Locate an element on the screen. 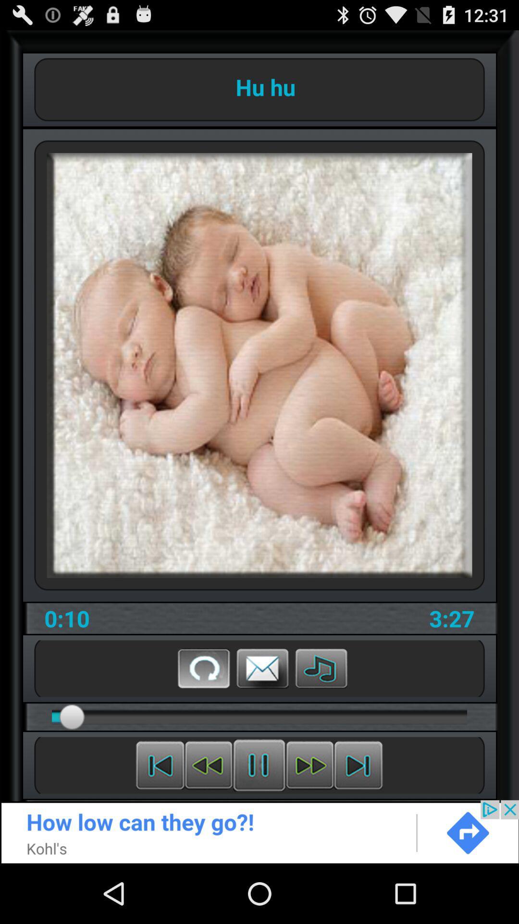  the av_rewind icon is located at coordinates (208, 819).